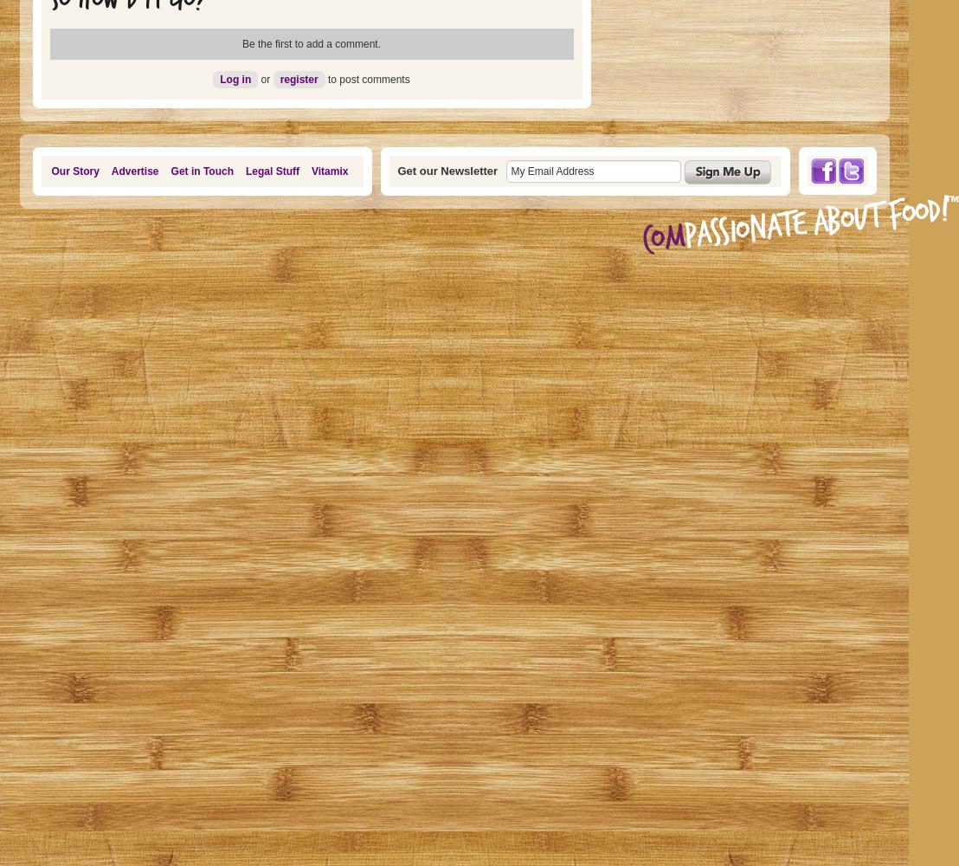  What do you see at coordinates (310, 44) in the screenshot?
I see `'Be the first to add a comment.'` at bounding box center [310, 44].